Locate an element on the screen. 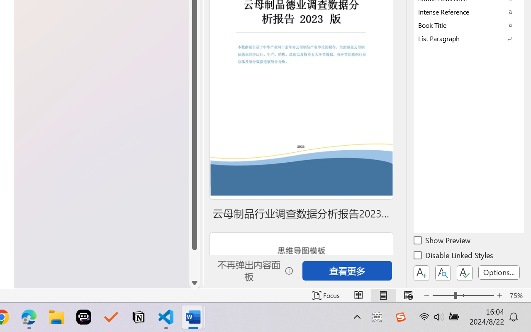  'Read Mode' is located at coordinates (358, 295).